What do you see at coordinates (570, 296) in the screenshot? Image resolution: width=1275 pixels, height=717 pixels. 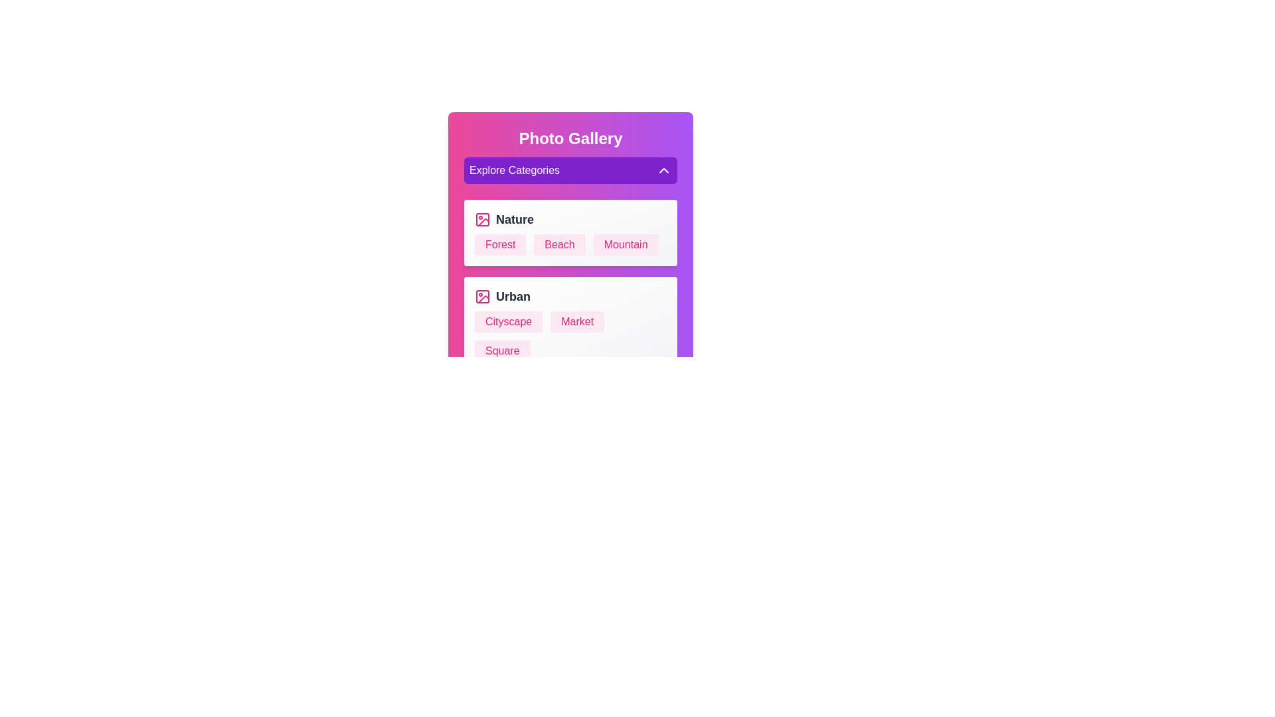 I see `the text element labeled 'Urban' to select it` at bounding box center [570, 296].